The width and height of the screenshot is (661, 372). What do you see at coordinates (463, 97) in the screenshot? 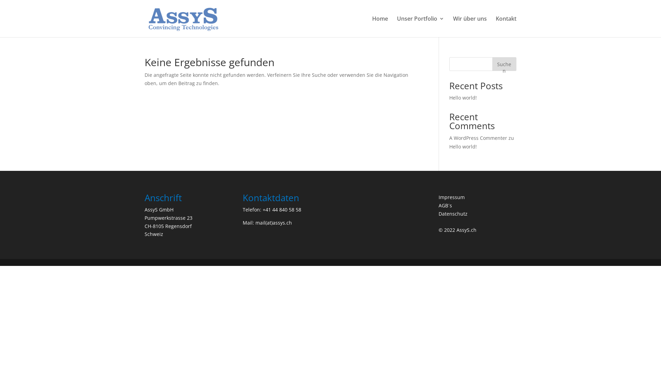
I see `'Hello world!'` at bounding box center [463, 97].